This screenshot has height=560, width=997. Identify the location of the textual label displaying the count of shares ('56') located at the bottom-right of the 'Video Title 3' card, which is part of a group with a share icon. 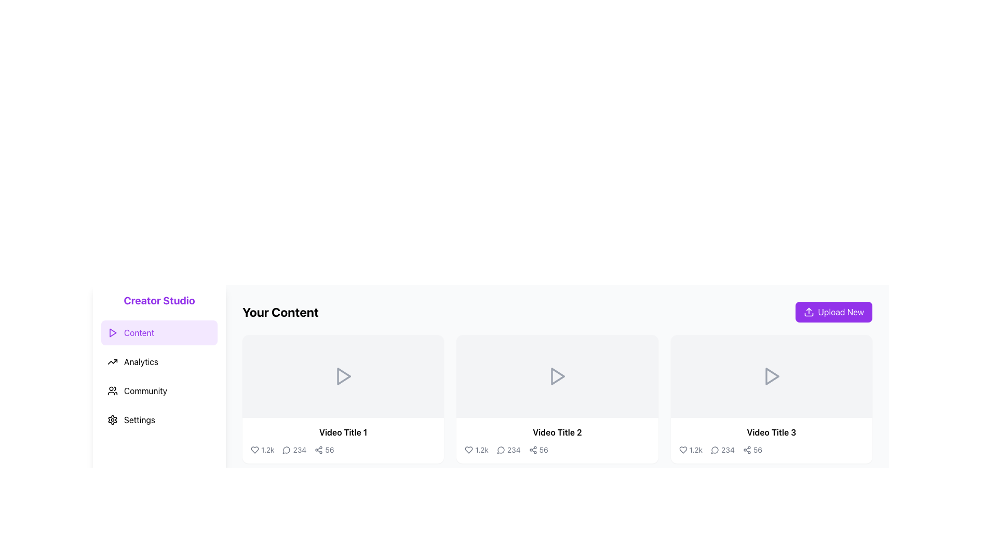
(758, 449).